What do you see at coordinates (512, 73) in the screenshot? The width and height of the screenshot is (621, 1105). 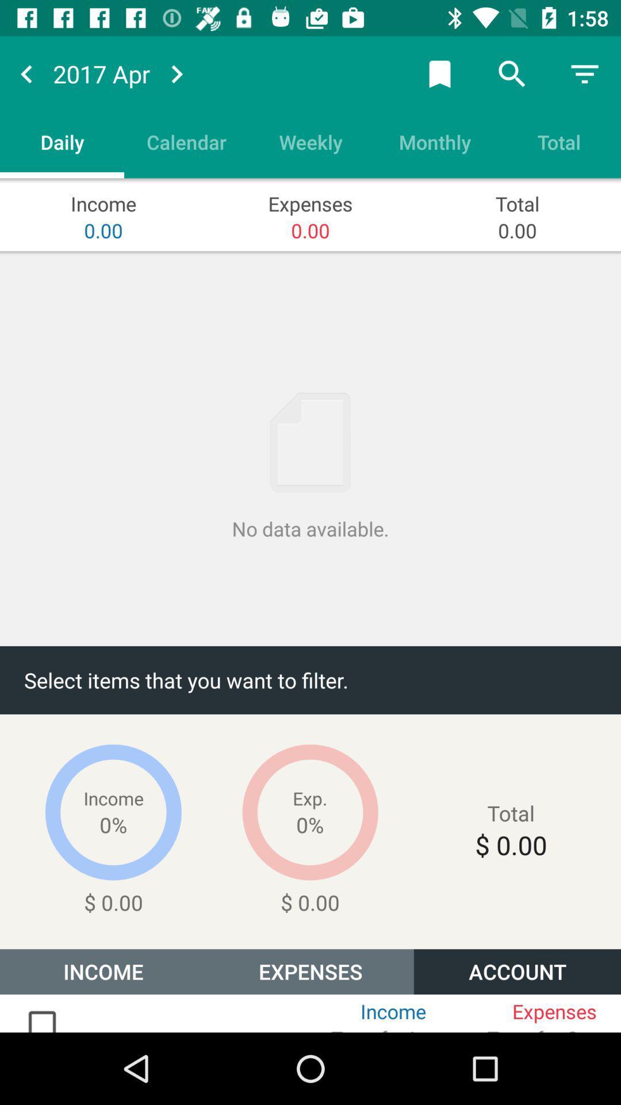 I see `the search icon` at bounding box center [512, 73].